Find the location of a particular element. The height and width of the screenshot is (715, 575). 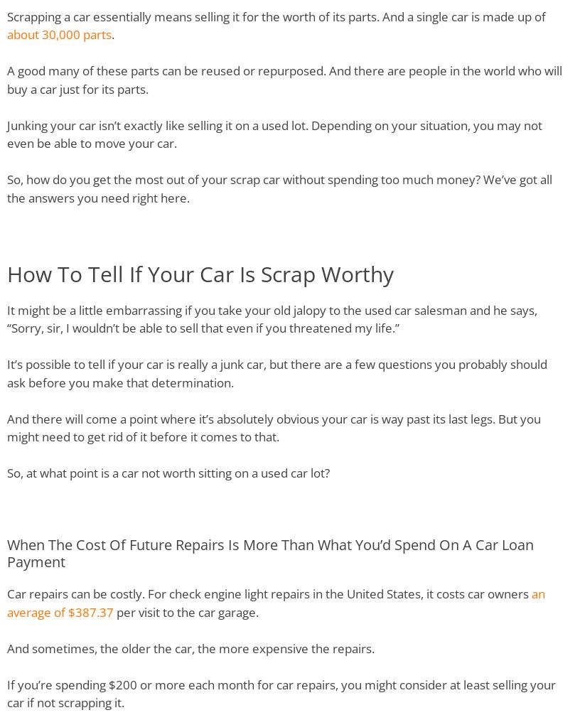

'A good many of these parts can be reused or repurposed. And there are people in the world who will buy a car just for its parts.' is located at coordinates (284, 79).